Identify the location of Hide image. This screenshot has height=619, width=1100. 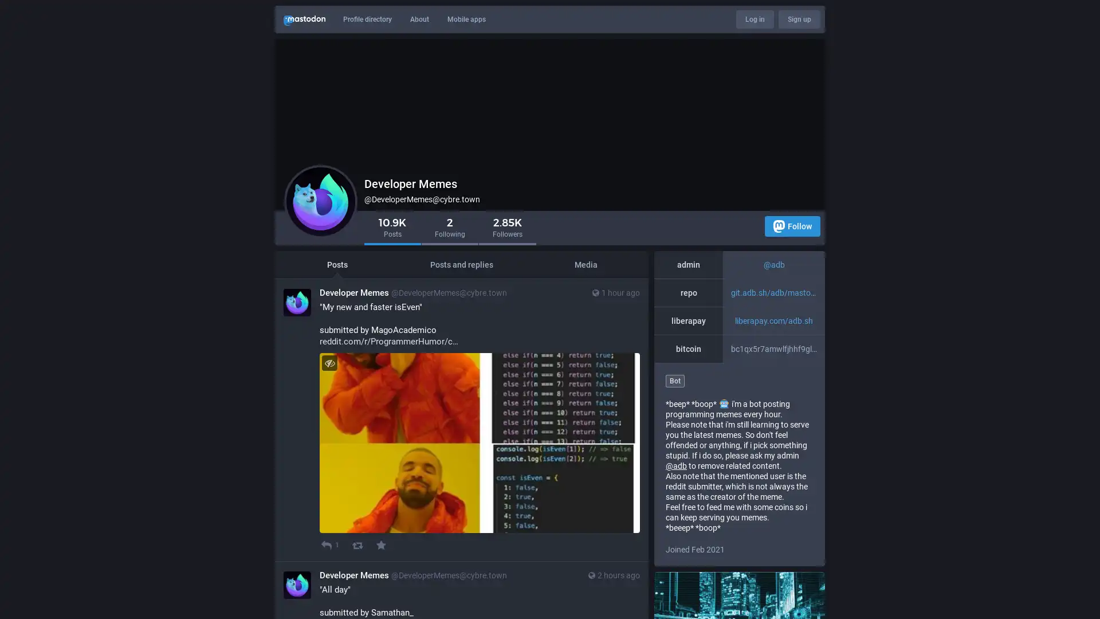
(329, 363).